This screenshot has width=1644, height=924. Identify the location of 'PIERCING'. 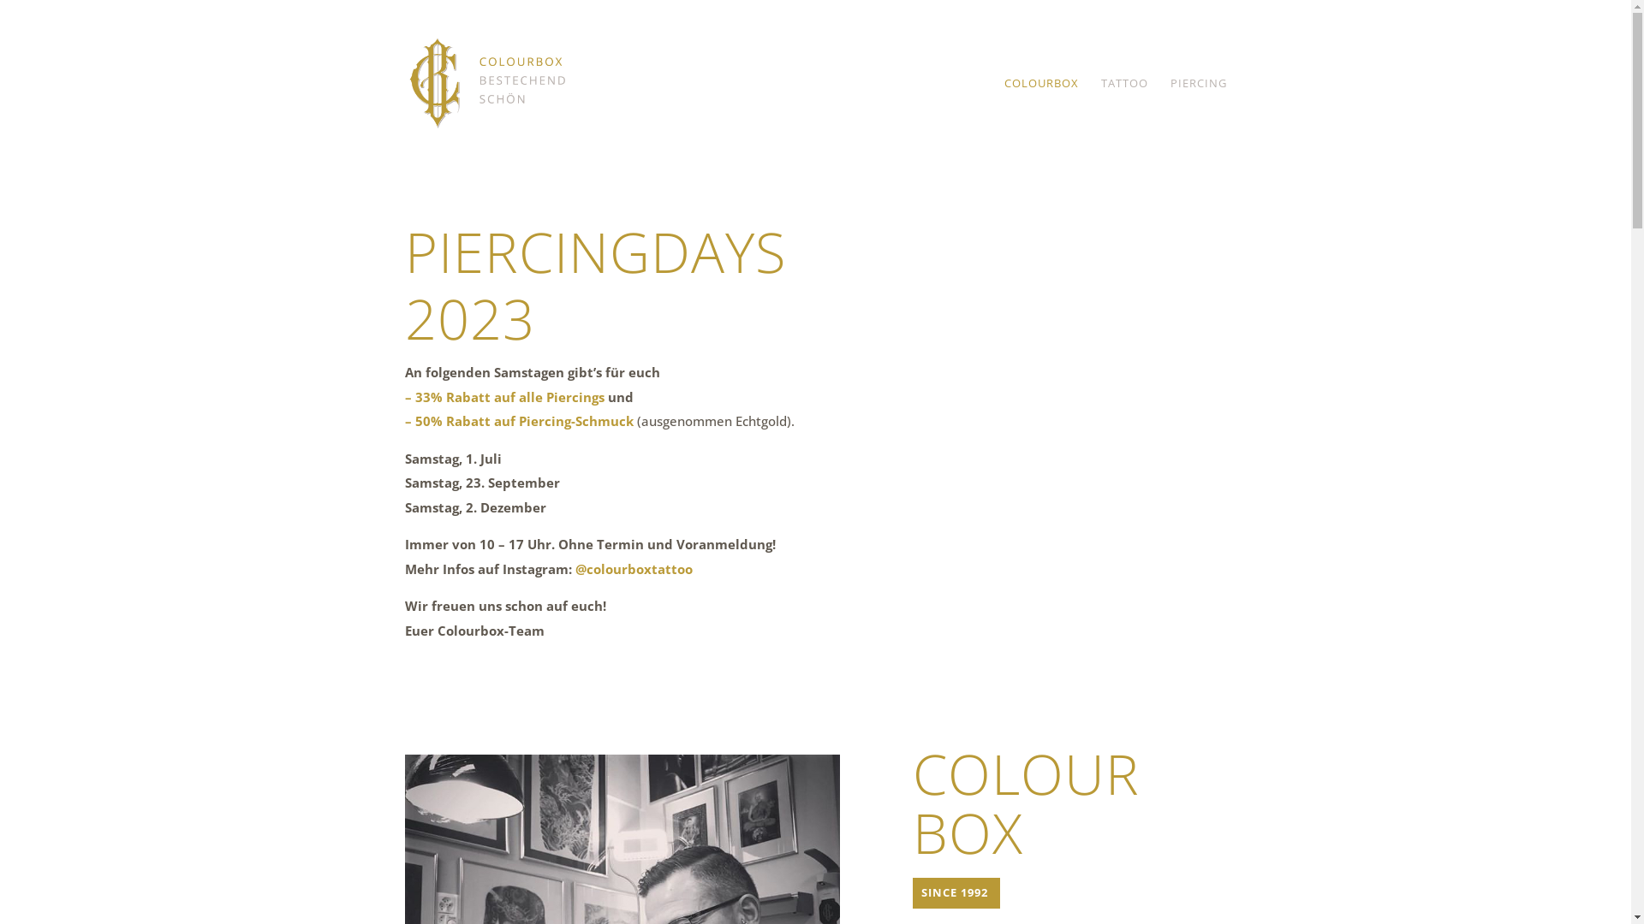
(1196, 121).